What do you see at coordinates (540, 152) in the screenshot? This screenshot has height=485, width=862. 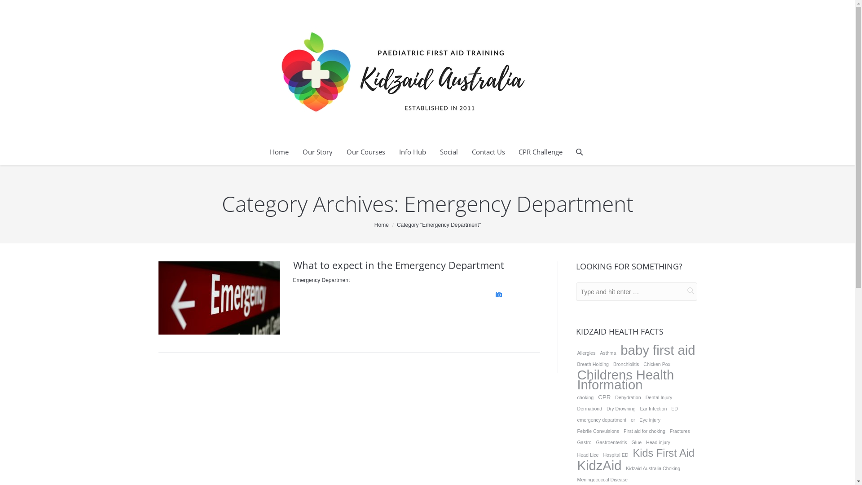 I see `'CPR Challenge'` at bounding box center [540, 152].